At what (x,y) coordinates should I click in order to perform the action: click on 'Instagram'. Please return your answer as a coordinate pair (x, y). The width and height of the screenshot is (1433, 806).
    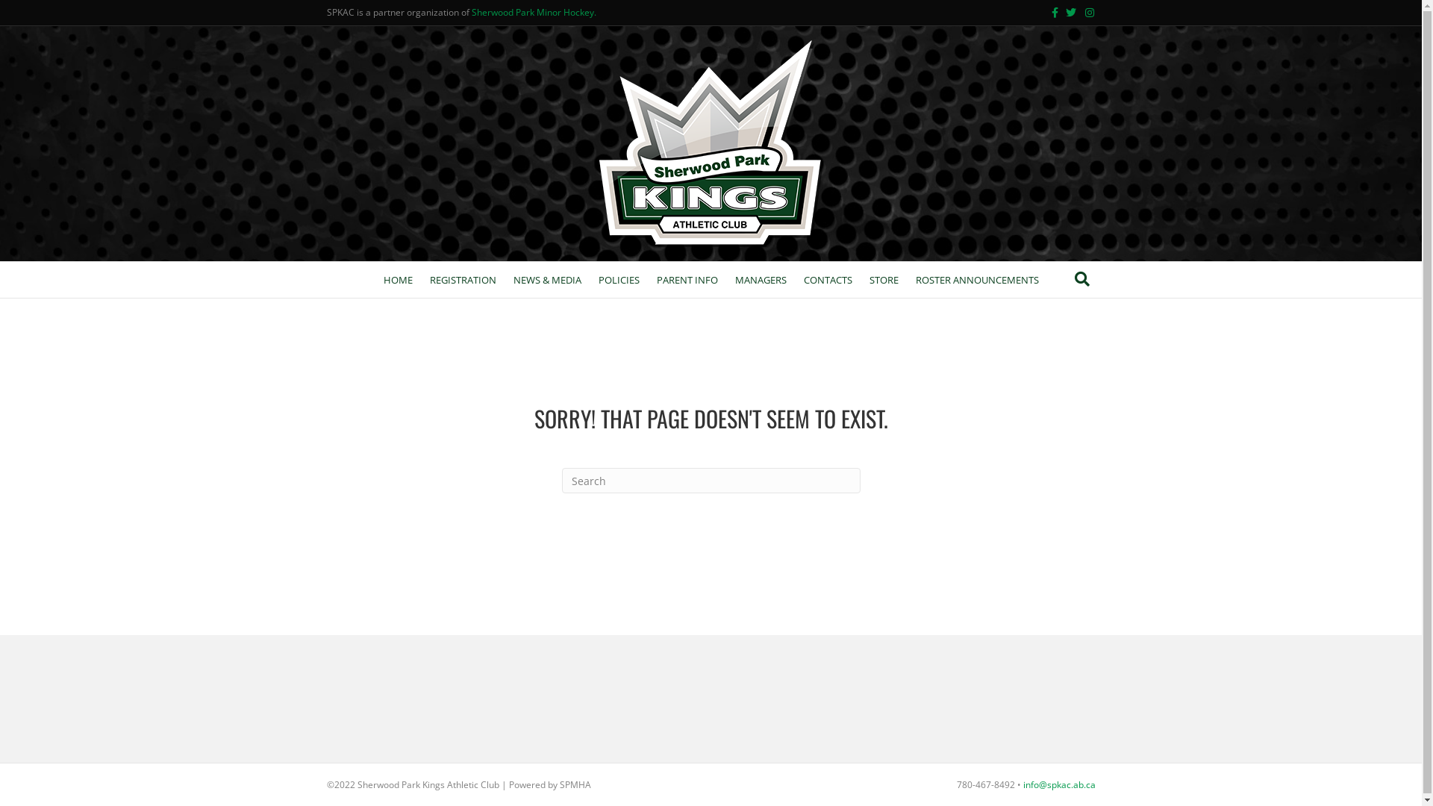
    Looking at the image, I should click on (1085, 11).